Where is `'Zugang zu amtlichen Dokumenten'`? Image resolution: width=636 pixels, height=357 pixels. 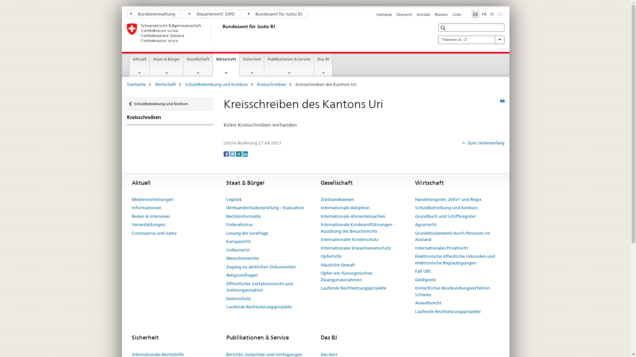 'Zugang zu amtlichen Dokumenten' is located at coordinates (260, 266).